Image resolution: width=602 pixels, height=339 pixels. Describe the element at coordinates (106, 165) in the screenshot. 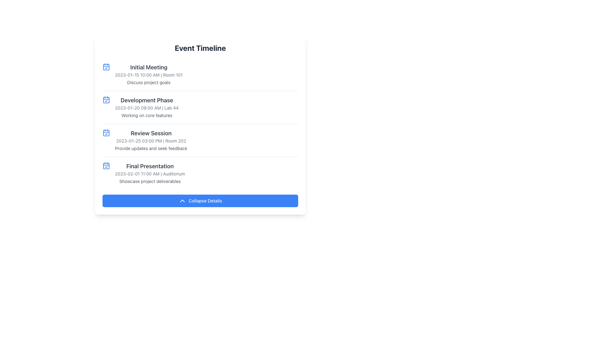

I see `the 'Final Presentation' event icon located in the fourth row of the timeline` at that location.